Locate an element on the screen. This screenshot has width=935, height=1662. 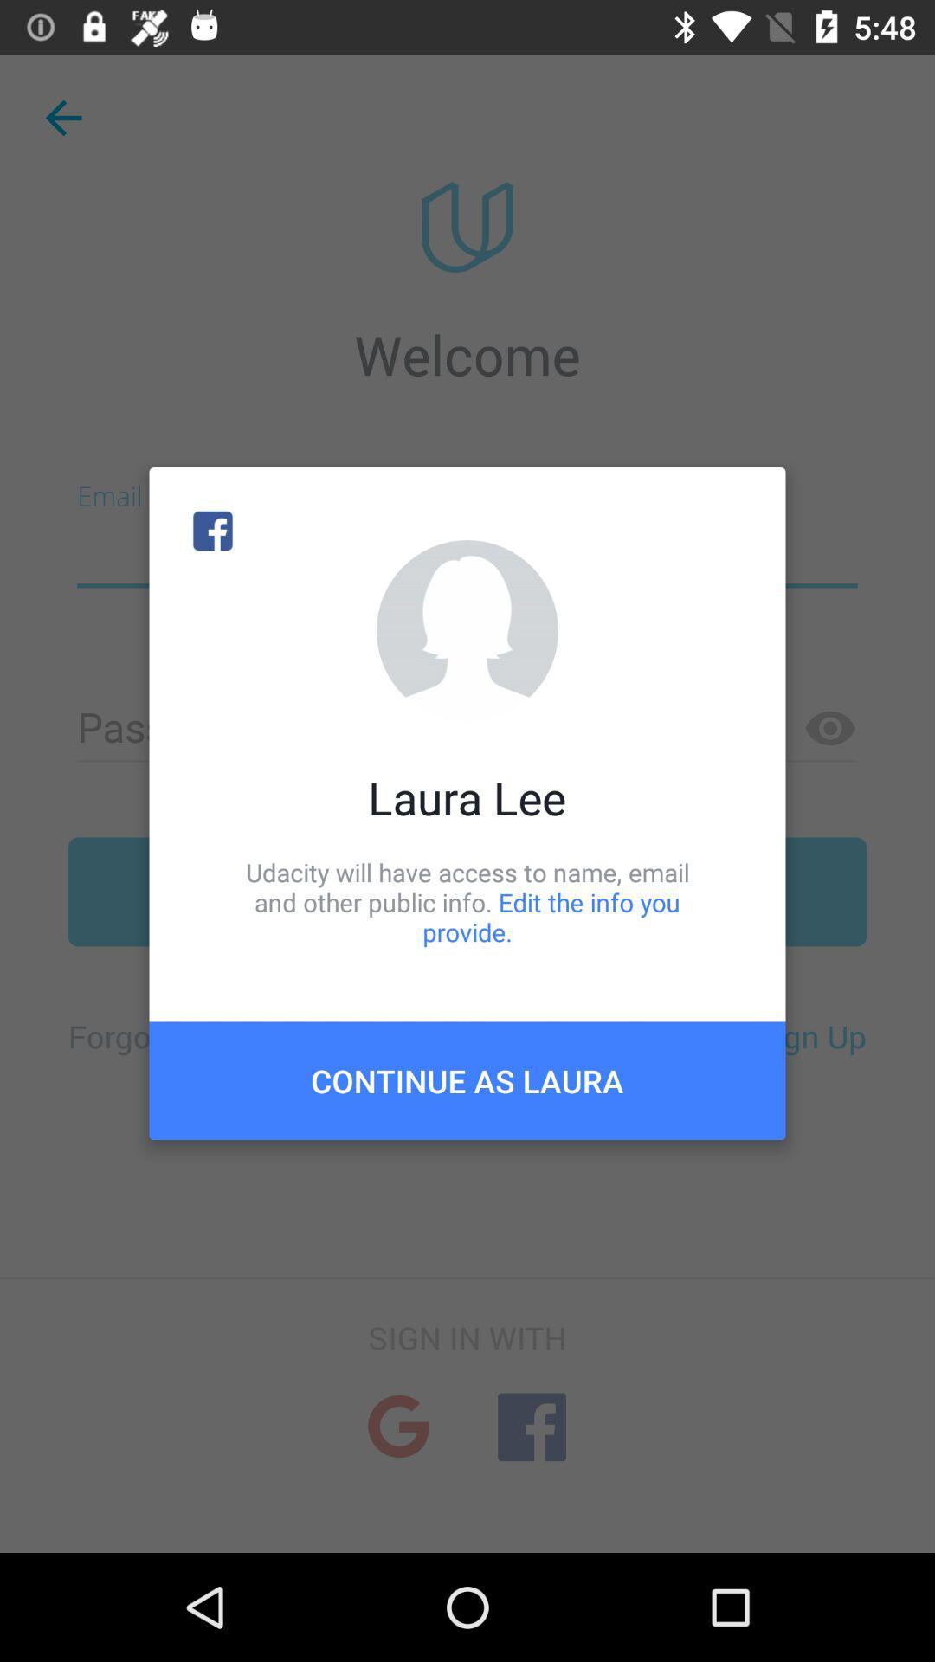
the udacity will have is located at coordinates (467, 901).